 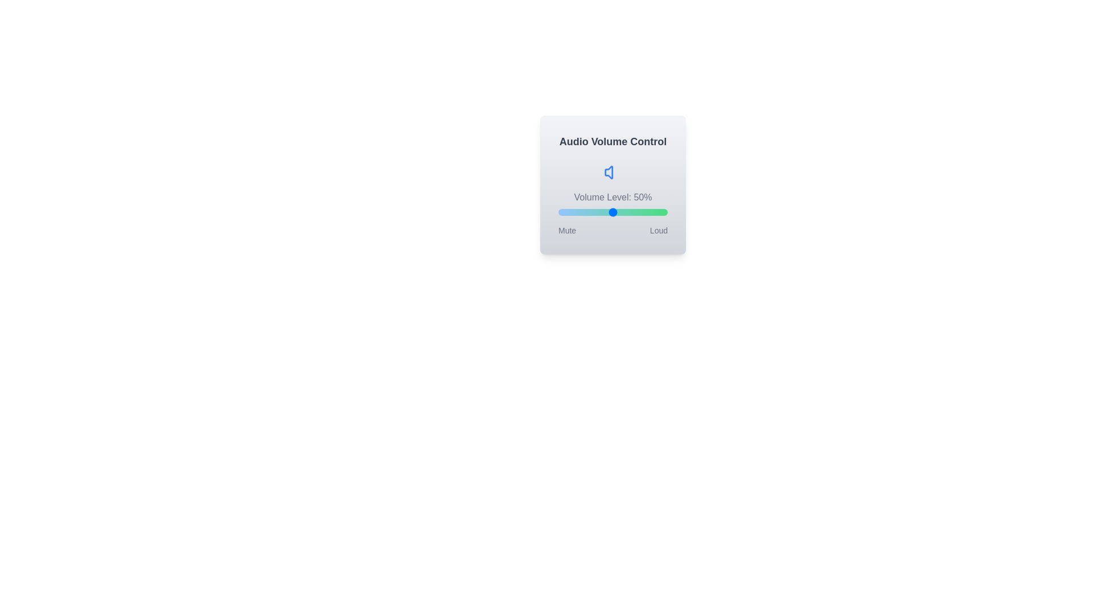 What do you see at coordinates (567, 231) in the screenshot?
I see `the Mute label to interact with it` at bounding box center [567, 231].